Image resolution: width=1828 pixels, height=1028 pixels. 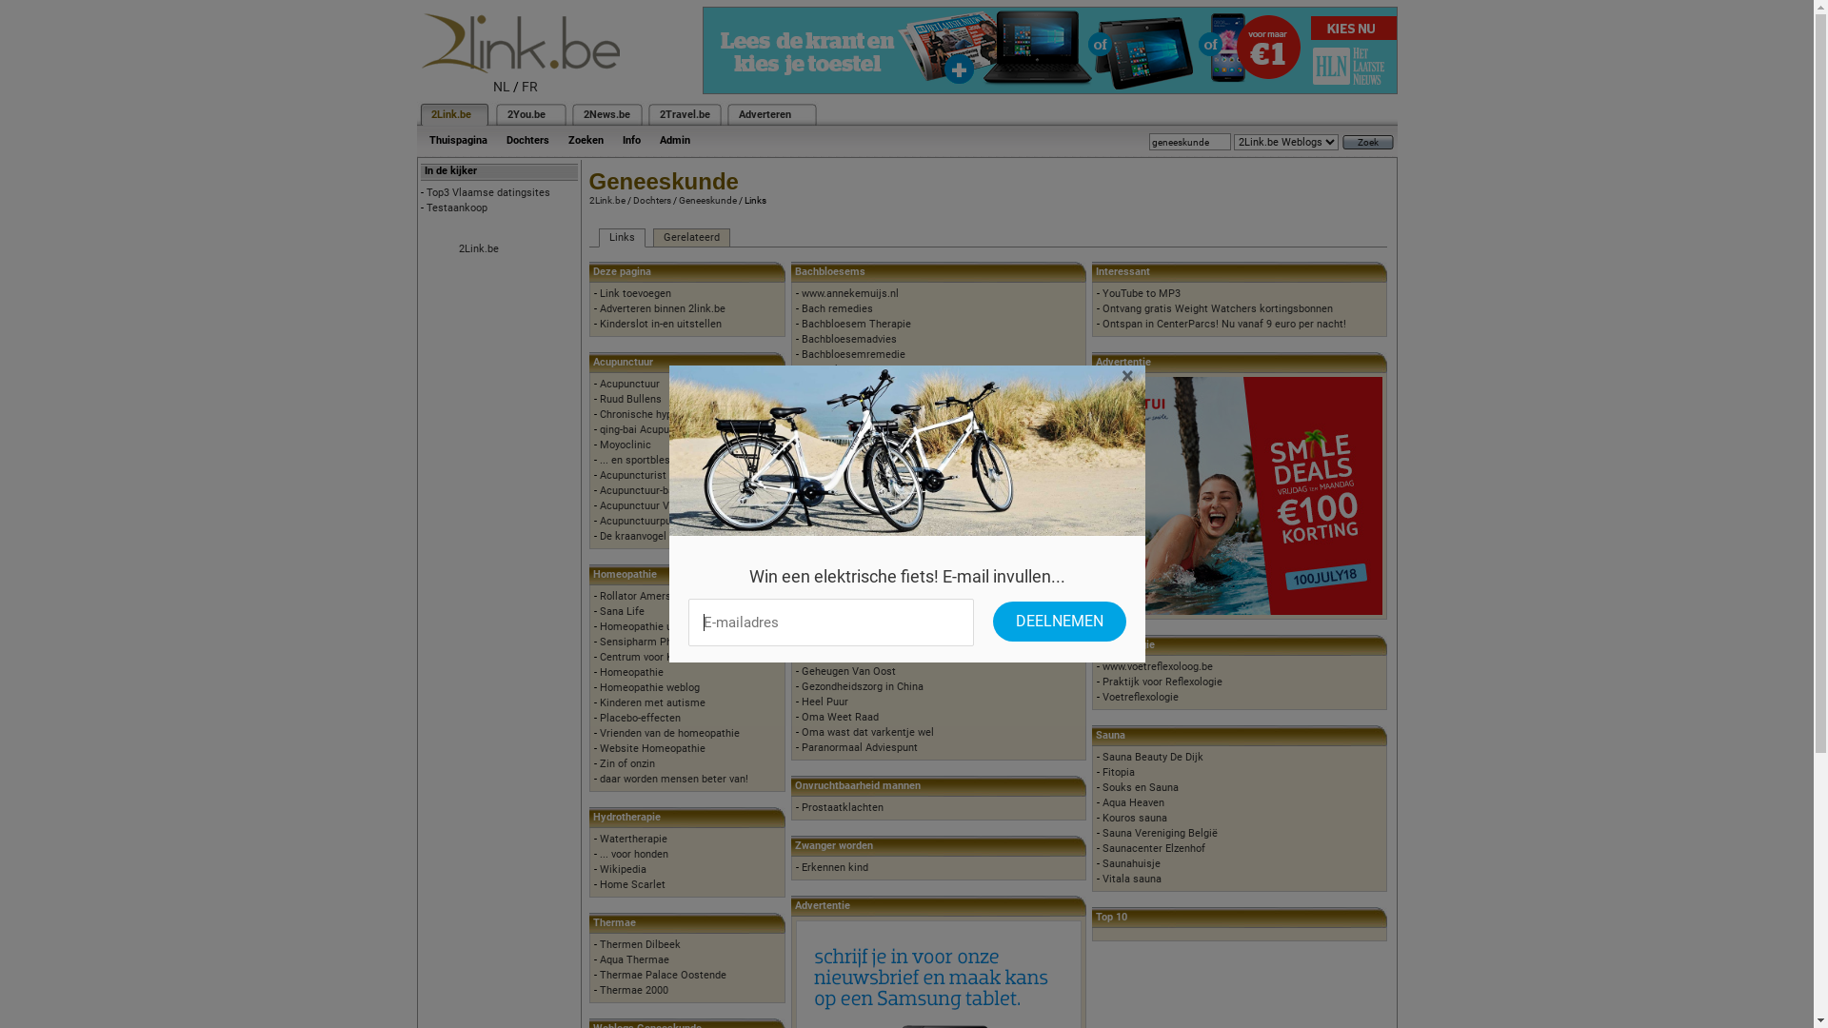 I want to click on 'Acupuncturist', so click(x=633, y=474).